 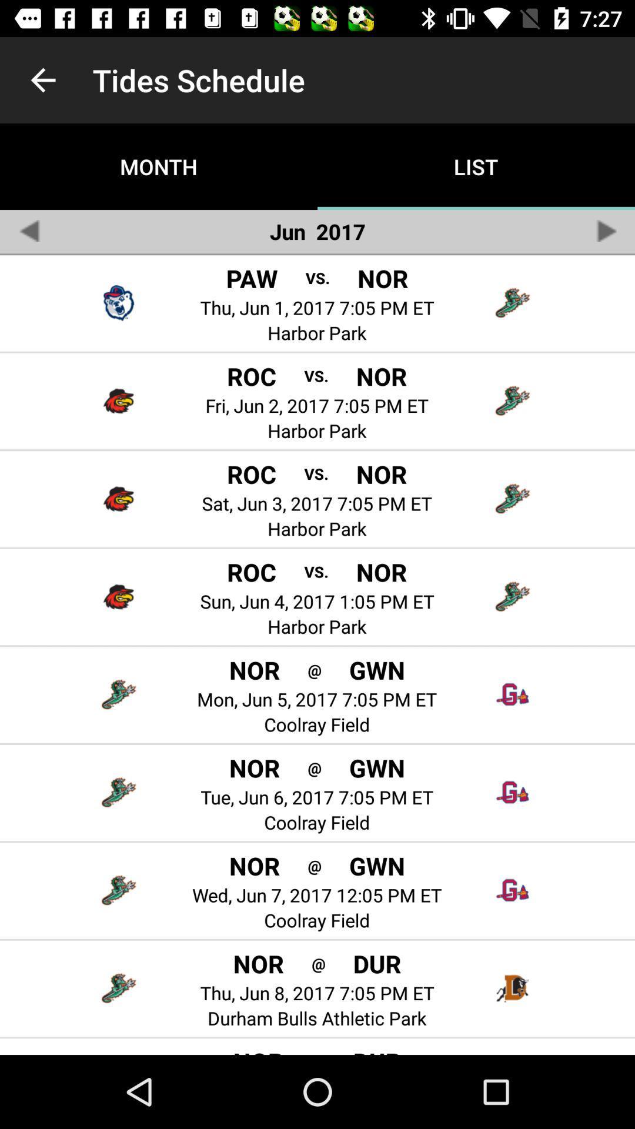 What do you see at coordinates (318, 963) in the screenshot?
I see `app to the right of nor icon` at bounding box center [318, 963].